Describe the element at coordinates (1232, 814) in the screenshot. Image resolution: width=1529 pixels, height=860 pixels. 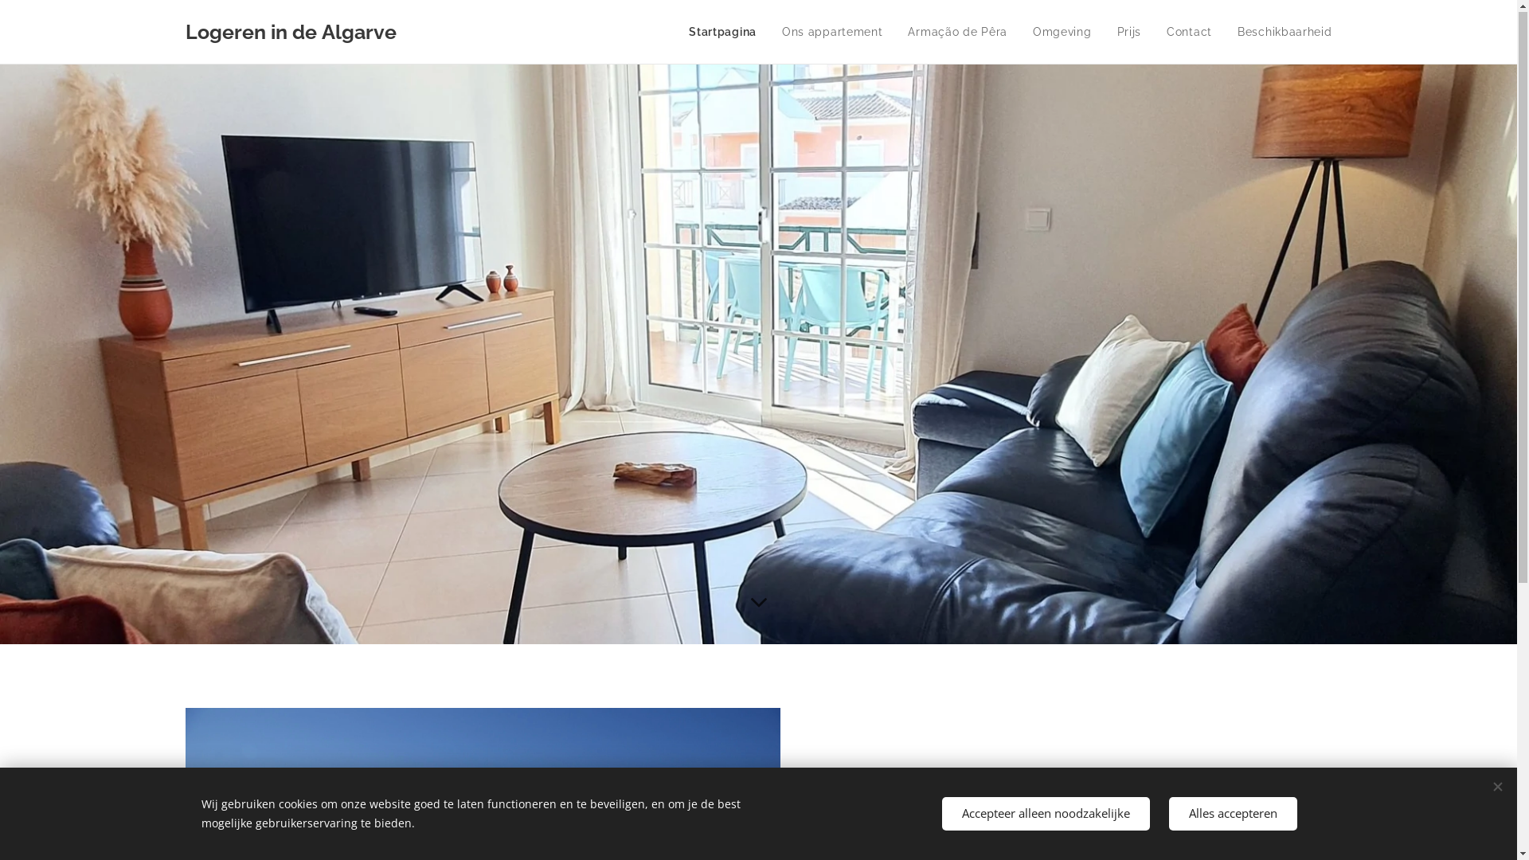
I see `'Alles accepteren'` at that location.